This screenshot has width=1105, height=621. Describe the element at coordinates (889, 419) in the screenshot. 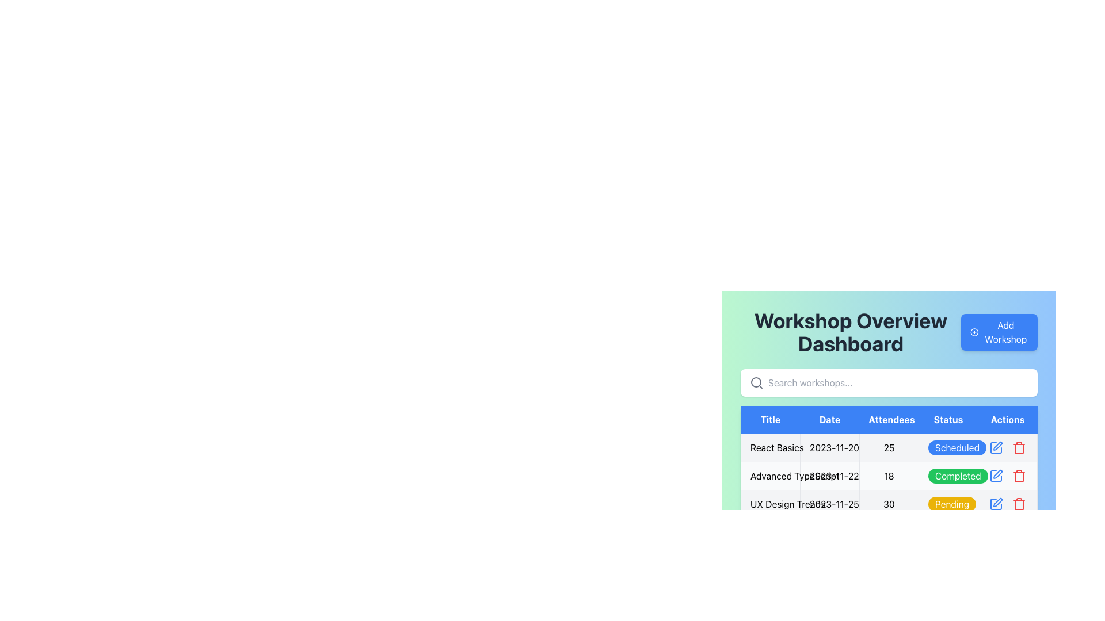

I see `the 'Attendees' table header element, which is a blue rectangular button containing white text` at that location.